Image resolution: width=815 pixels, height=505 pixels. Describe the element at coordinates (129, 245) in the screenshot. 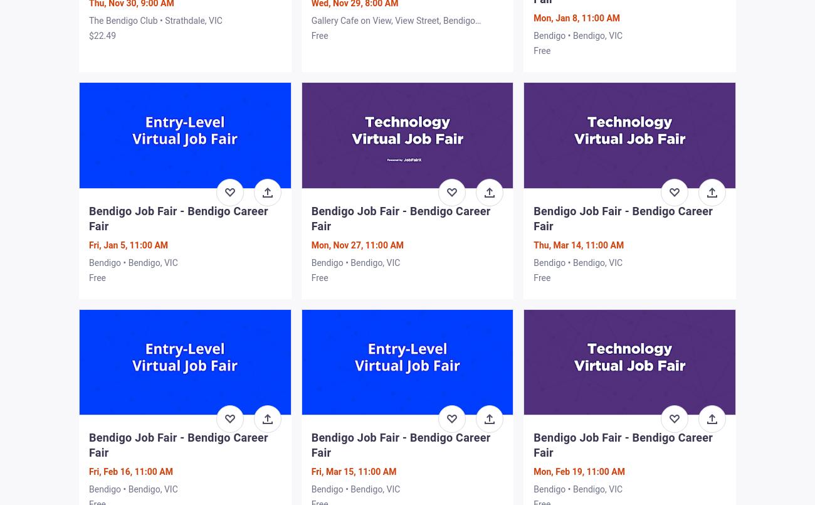

I see `'Fri, Jan 5, 11:00 AM'` at that location.